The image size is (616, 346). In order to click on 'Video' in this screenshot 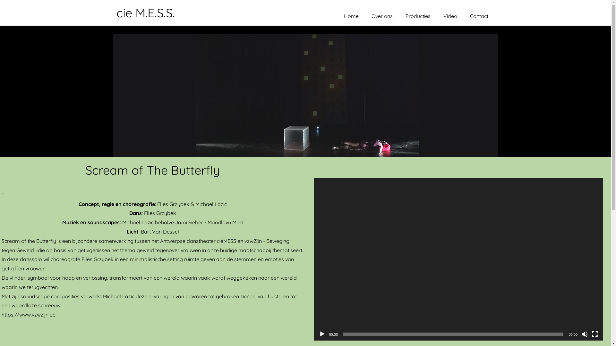, I will do `click(450, 16)`.